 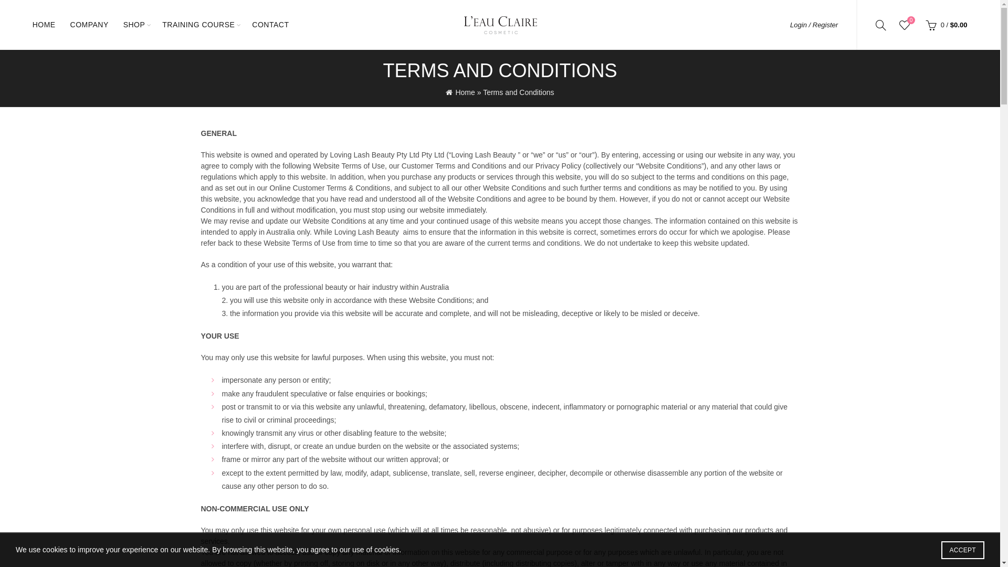 What do you see at coordinates (244, 24) in the screenshot?
I see `'CONTACT'` at bounding box center [244, 24].